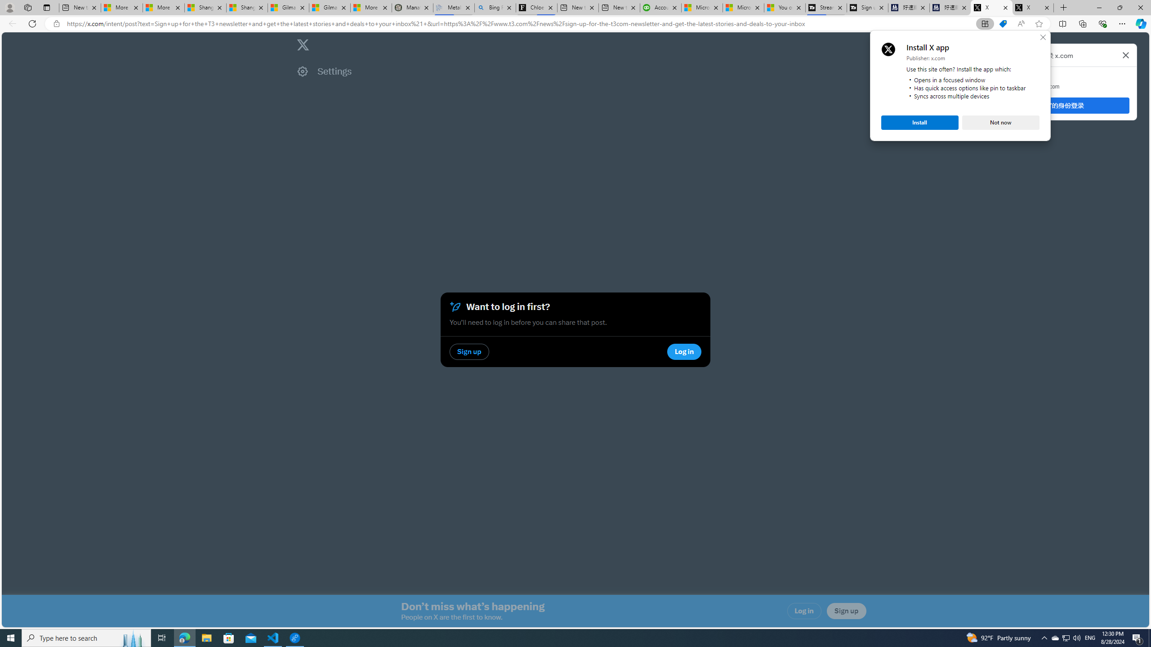 The width and height of the screenshot is (1151, 647). I want to click on 'Start', so click(11, 637).